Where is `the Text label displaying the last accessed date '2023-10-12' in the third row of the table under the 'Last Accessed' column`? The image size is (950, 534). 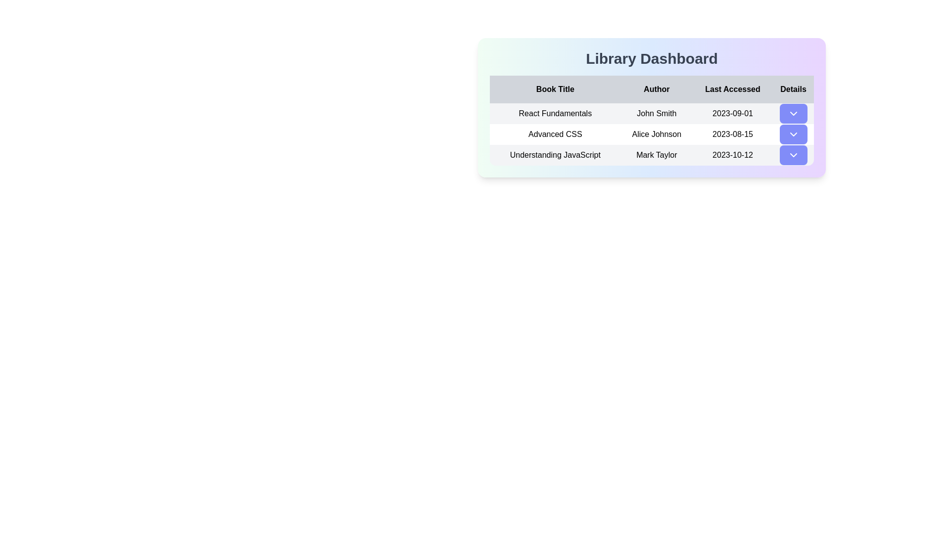
the Text label displaying the last accessed date '2023-10-12' in the third row of the table under the 'Last Accessed' column is located at coordinates (733, 155).